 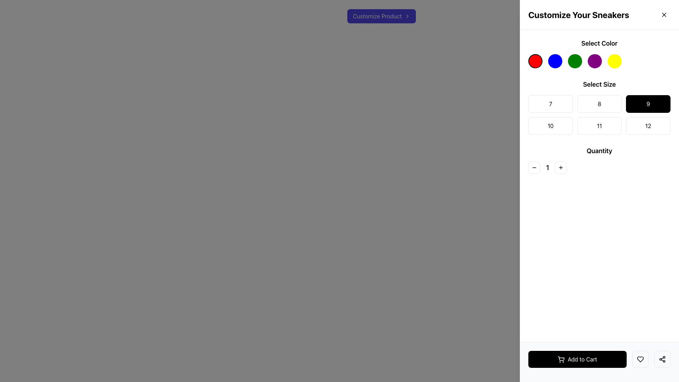 I want to click on the rightmost icon button styled as a share symbol, so click(x=662, y=359).